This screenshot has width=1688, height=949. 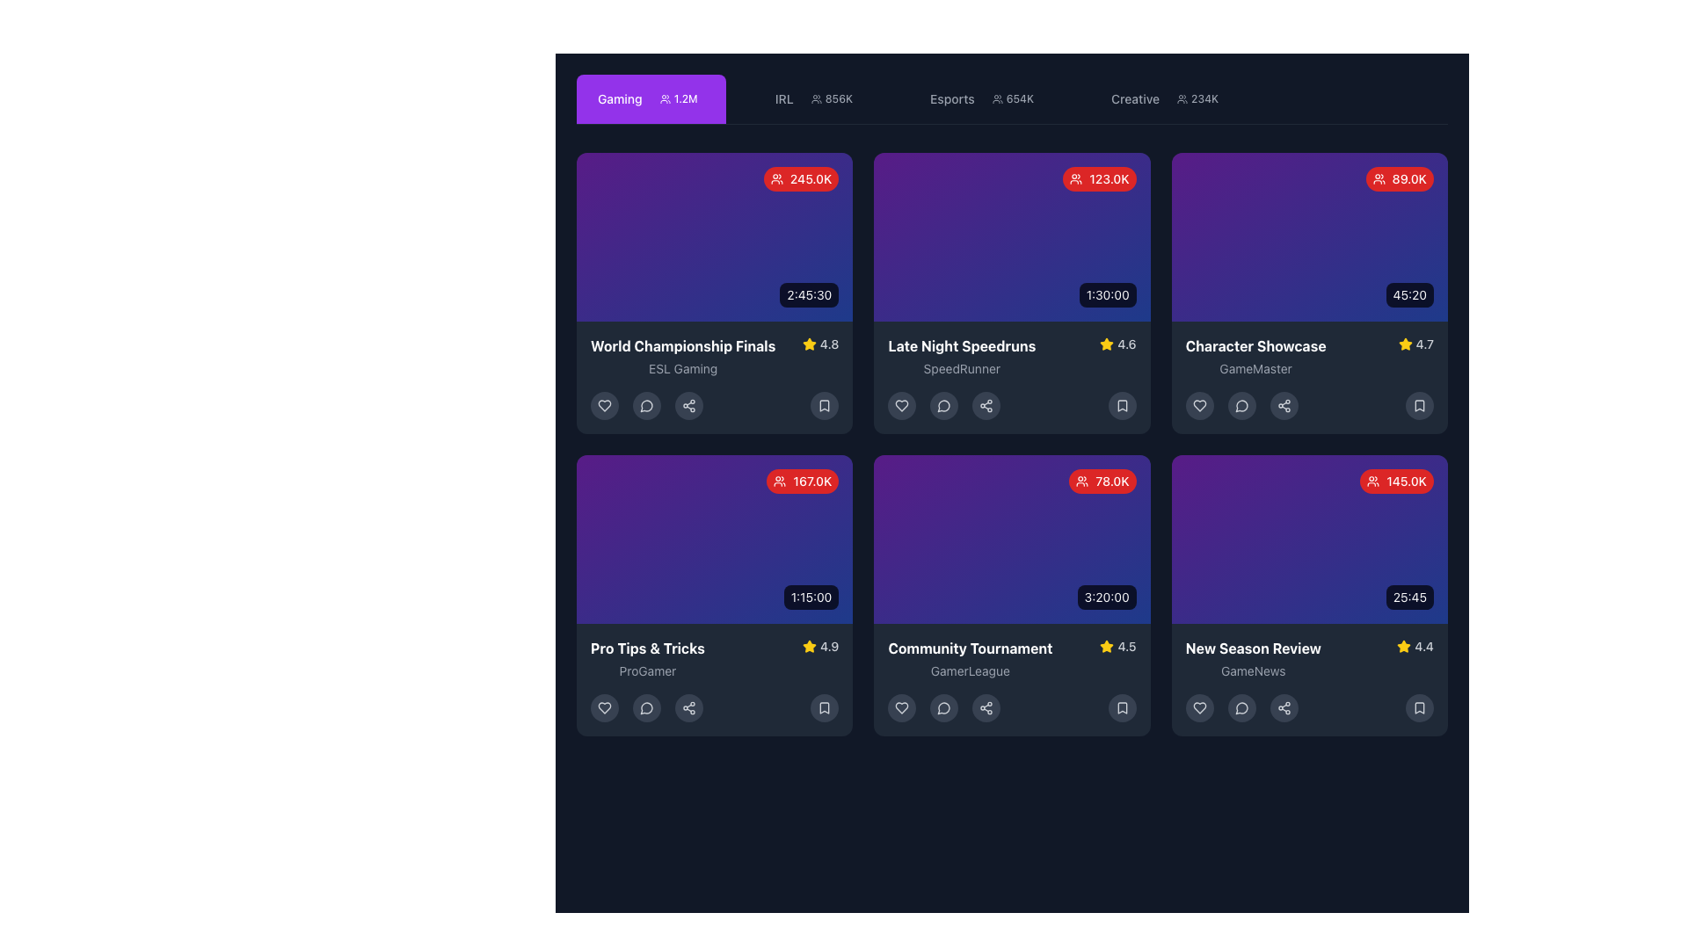 What do you see at coordinates (1081, 481) in the screenshot?
I see `the icon resembling three user avatars, which is white on a red circular background, located to the left of the '78.0K' text in the top-right corner of the 'Community Tournament' card` at bounding box center [1081, 481].